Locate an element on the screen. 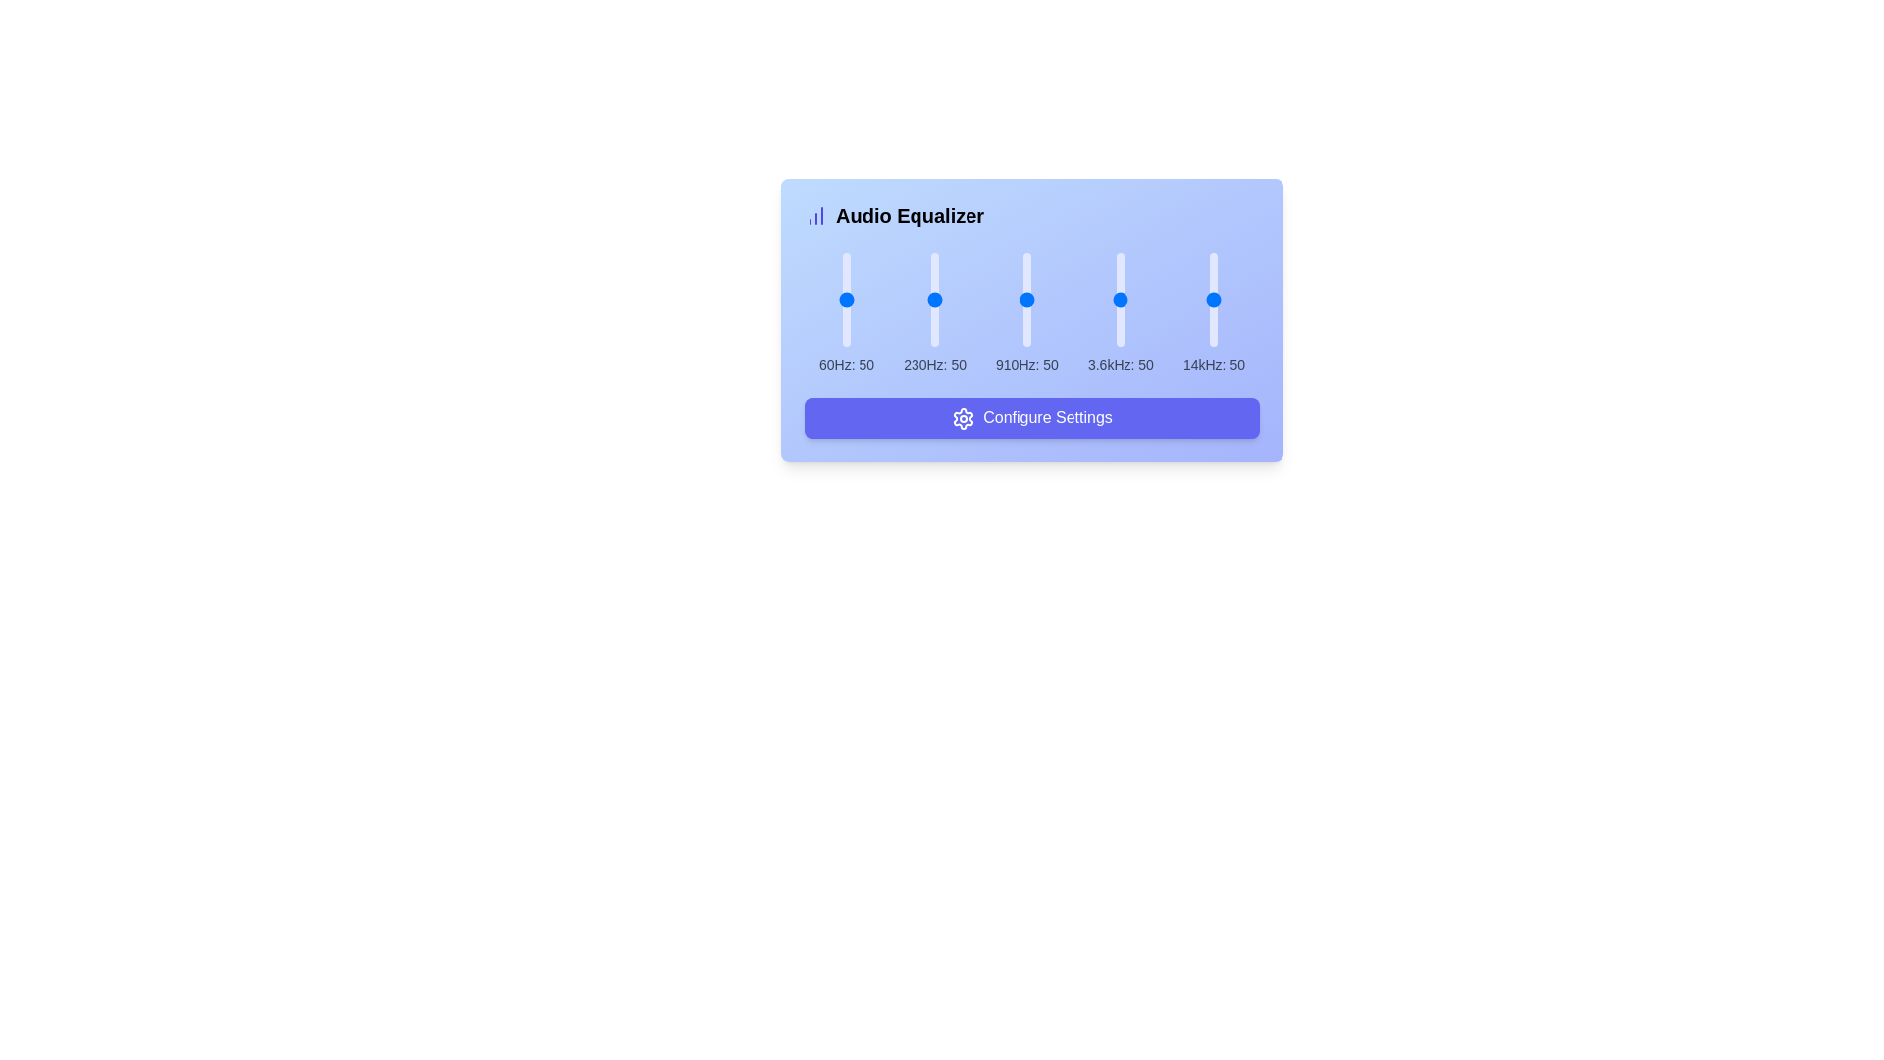 Image resolution: width=1884 pixels, height=1060 pixels. the slider value is located at coordinates (1213, 271).